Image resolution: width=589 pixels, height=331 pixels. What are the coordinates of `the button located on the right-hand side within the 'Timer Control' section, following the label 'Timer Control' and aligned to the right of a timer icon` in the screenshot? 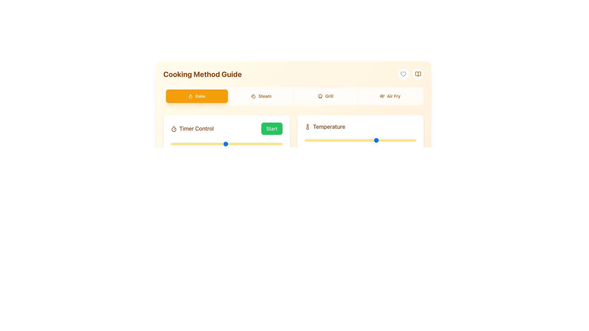 It's located at (271, 128).